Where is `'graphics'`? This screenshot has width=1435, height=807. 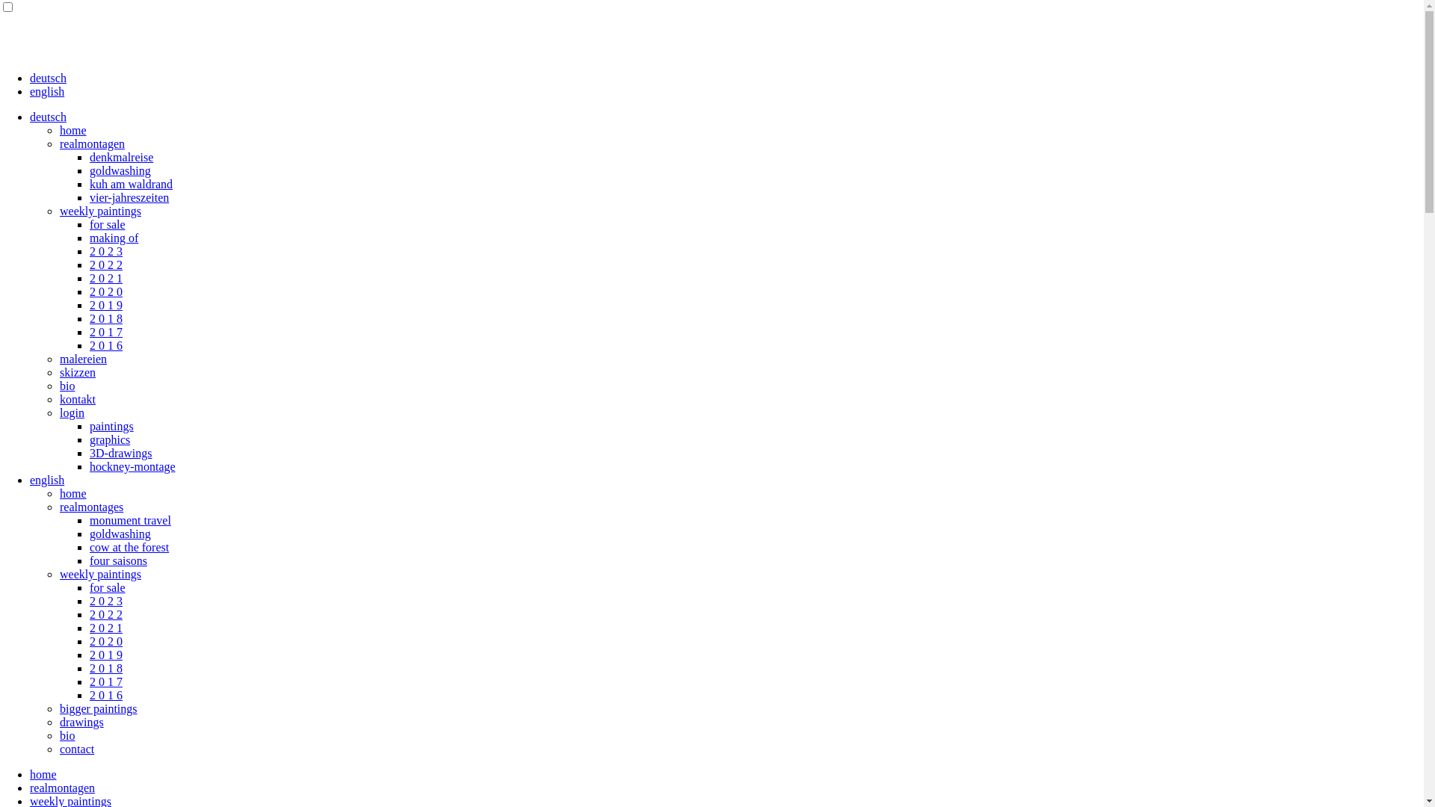
'graphics' is located at coordinates (109, 439).